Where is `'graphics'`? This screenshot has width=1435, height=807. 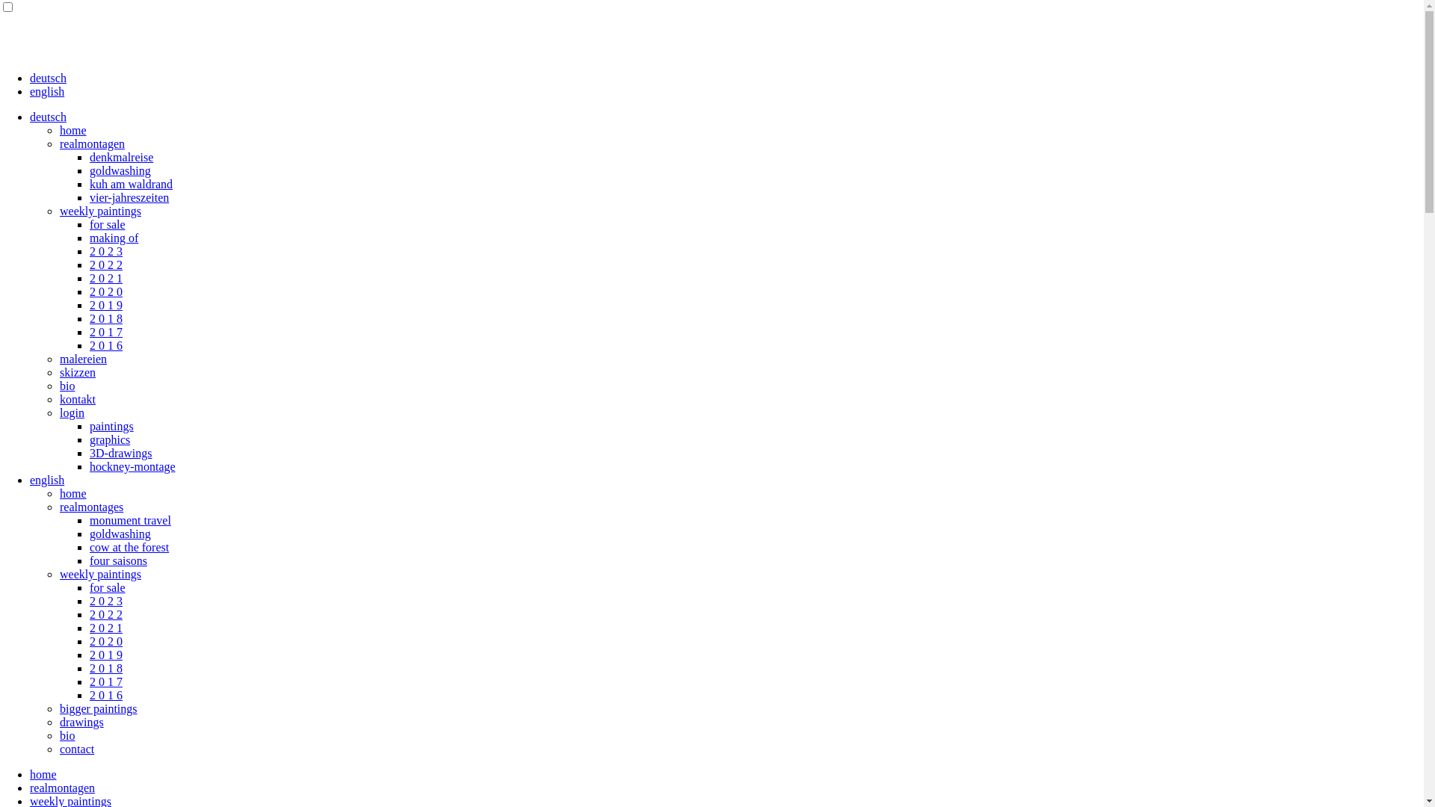
'graphics' is located at coordinates (109, 439).